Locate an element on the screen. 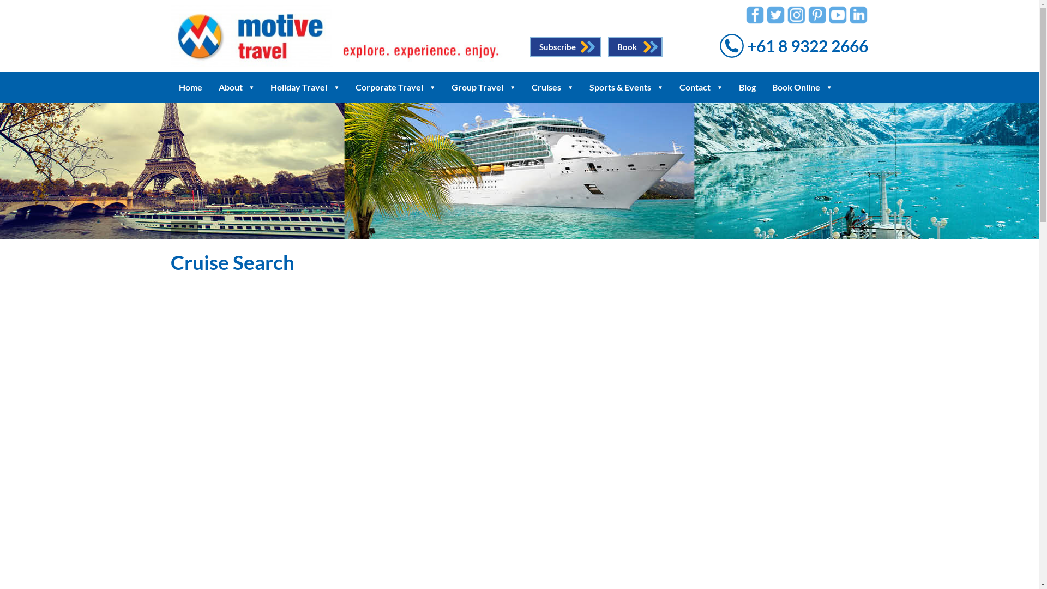 The width and height of the screenshot is (1047, 589). 'Subscribe' is located at coordinates (529, 46).